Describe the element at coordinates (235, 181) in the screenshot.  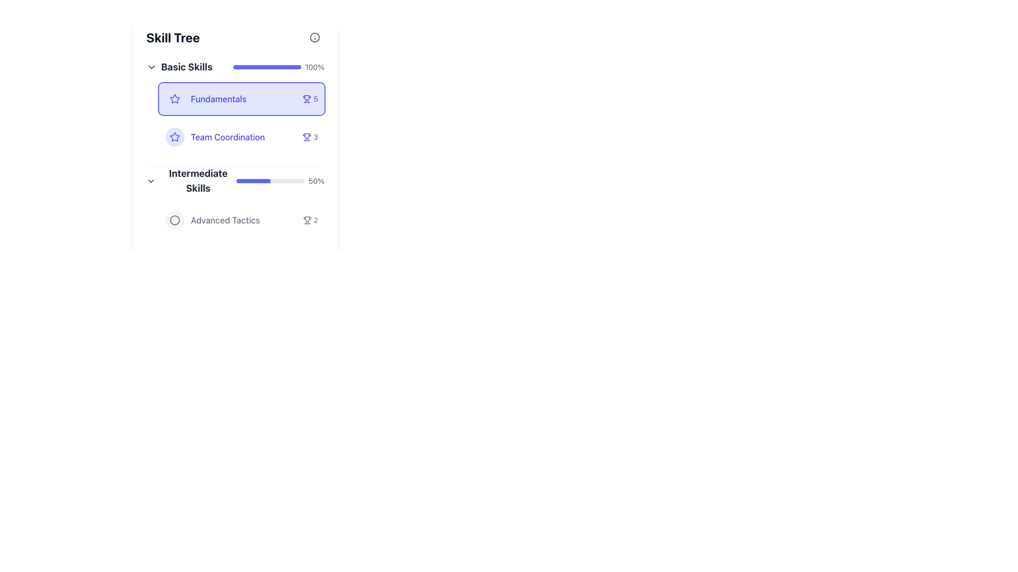
I see `the progress indicator displaying '50%' in the Intermediate Skills section` at that location.